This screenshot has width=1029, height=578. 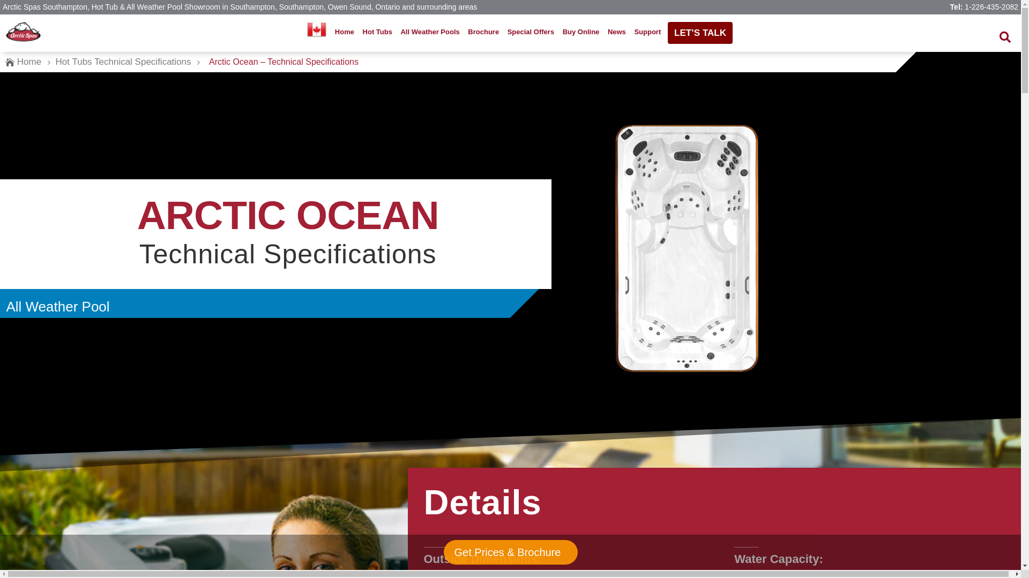 I want to click on 'All Weather Pools', so click(x=430, y=31).